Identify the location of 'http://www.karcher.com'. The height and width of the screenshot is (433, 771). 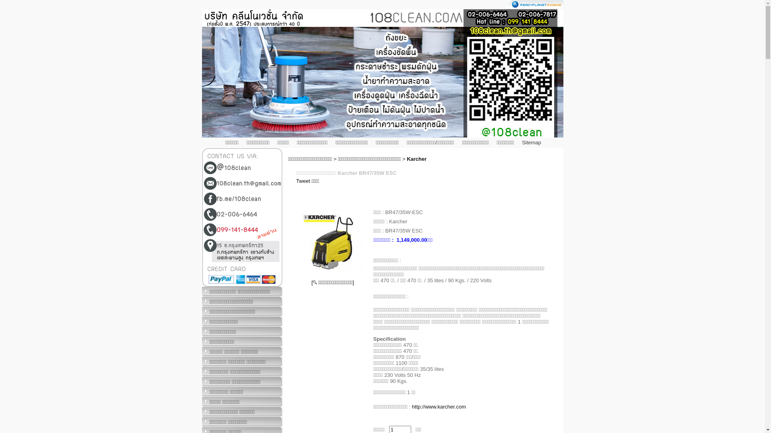
(439, 407).